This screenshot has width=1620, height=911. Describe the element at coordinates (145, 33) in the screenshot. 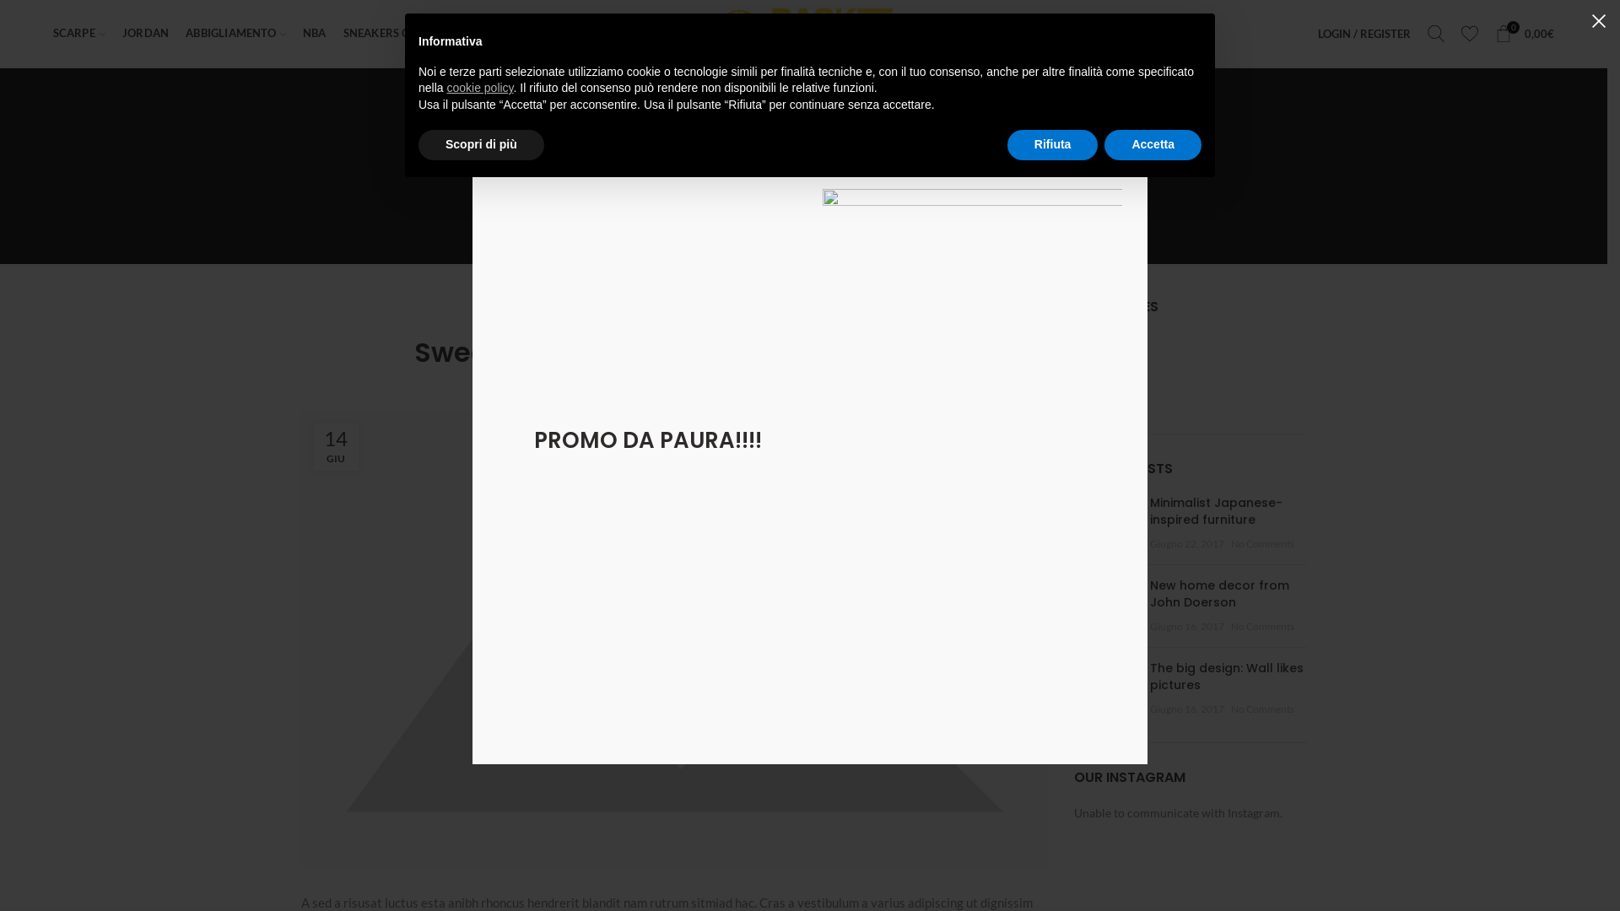

I see `'JORDAN'` at that location.